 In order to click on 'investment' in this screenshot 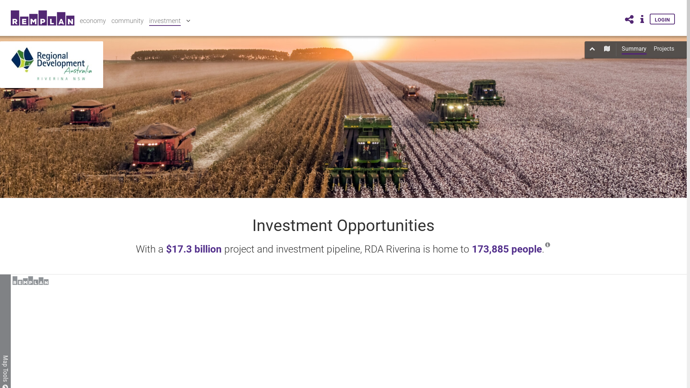, I will do `click(165, 21)`.